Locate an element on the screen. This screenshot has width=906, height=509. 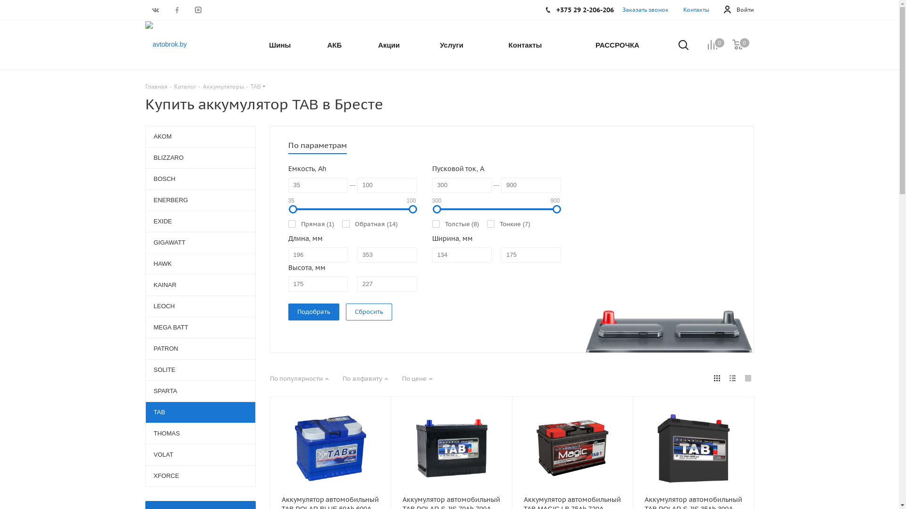
'TAB' is located at coordinates (200, 411).